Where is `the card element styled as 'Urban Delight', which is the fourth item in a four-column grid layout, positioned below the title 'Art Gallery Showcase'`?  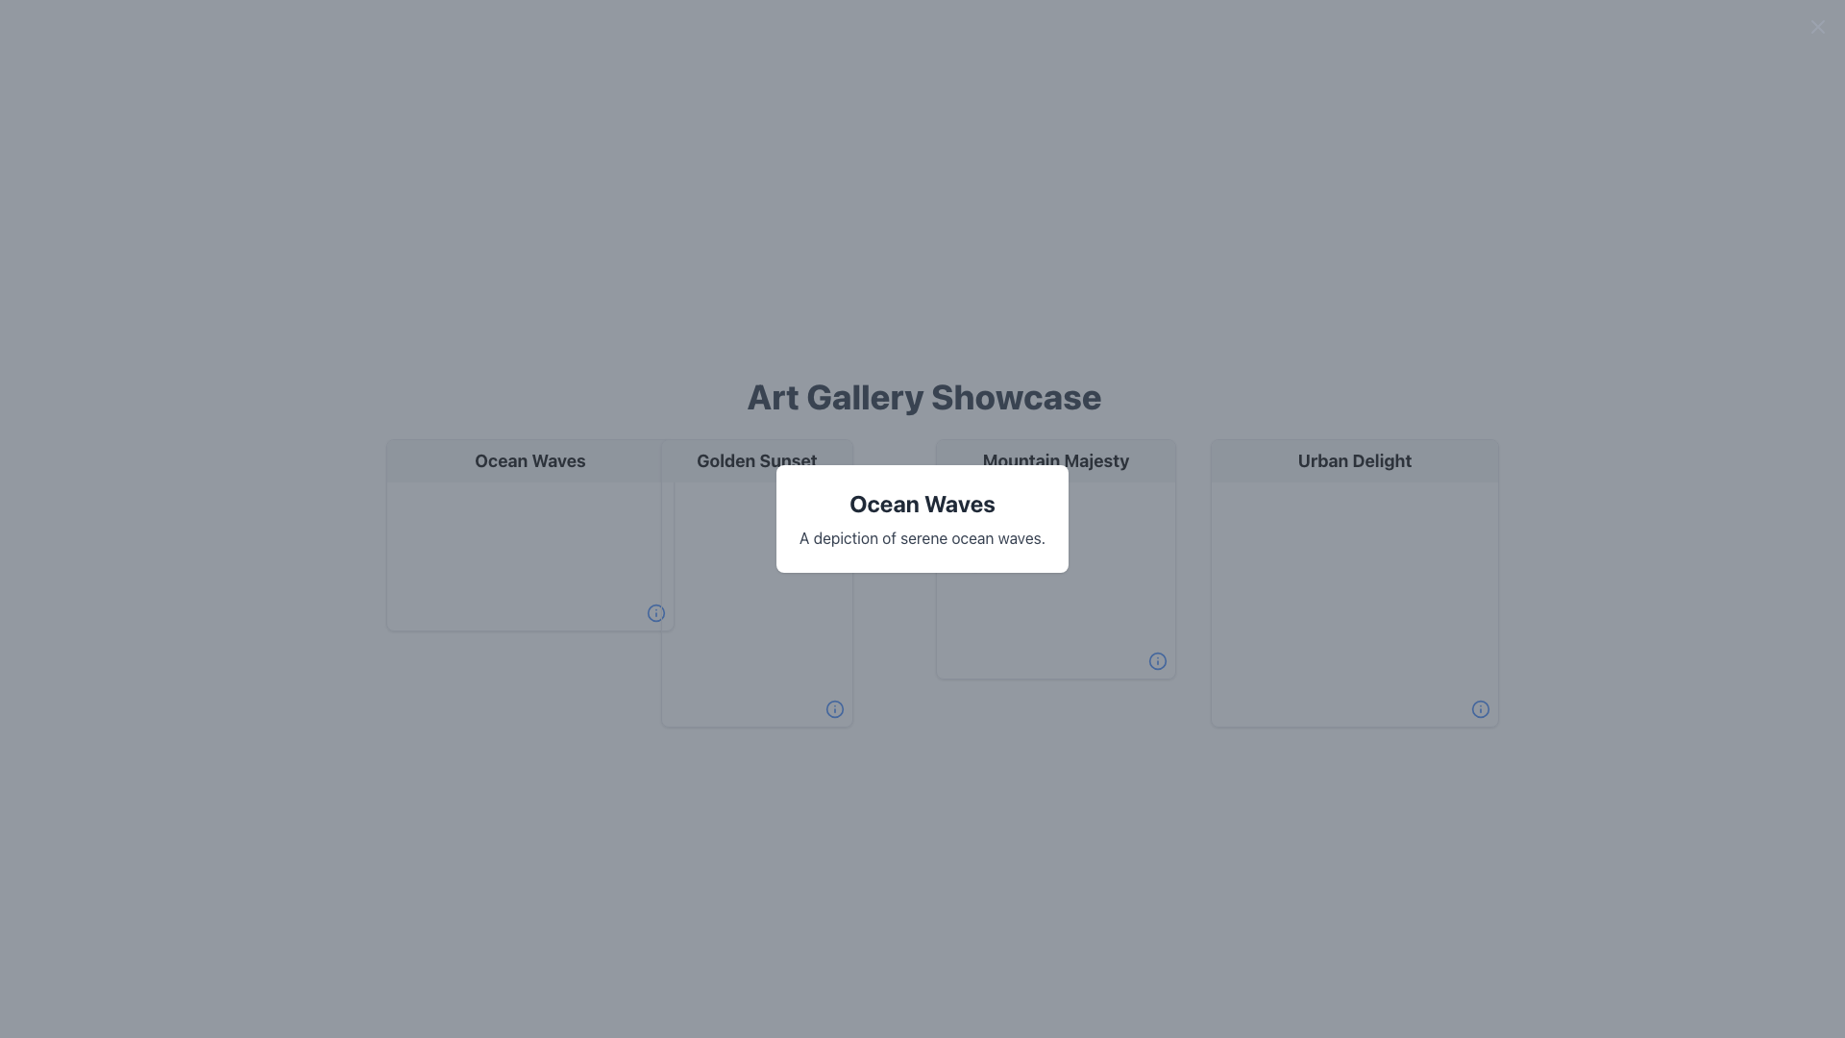
the card element styled as 'Urban Delight', which is the fourth item in a four-column grid layout, positioned below the title 'Art Gallery Showcase' is located at coordinates (1354, 581).